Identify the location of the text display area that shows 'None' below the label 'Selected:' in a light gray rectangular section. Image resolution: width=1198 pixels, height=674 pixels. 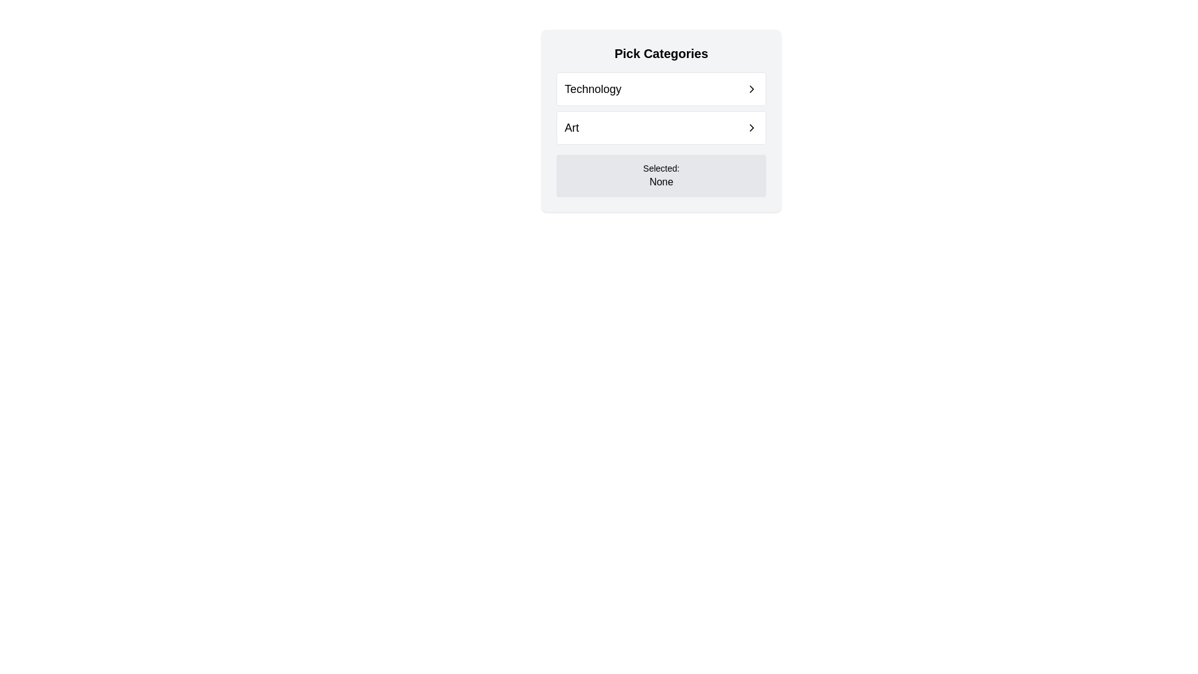
(661, 182).